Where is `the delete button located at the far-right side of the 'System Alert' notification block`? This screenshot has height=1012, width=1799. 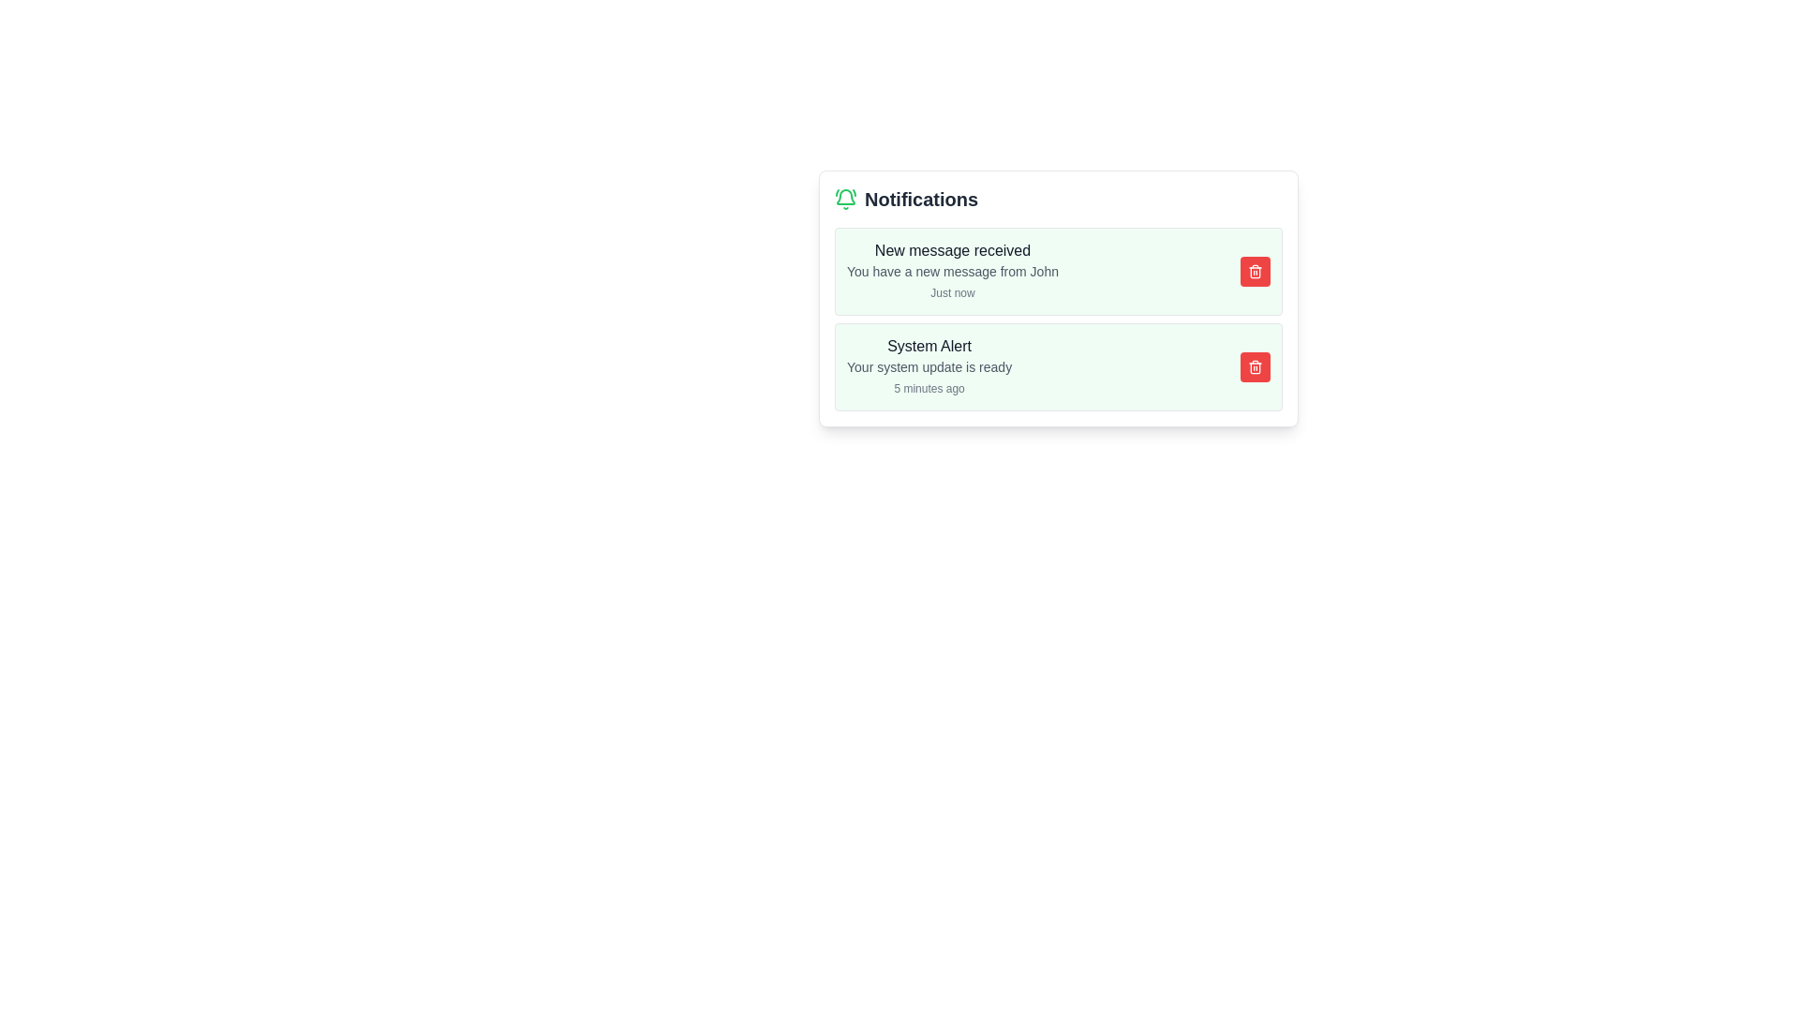
the delete button located at the far-right side of the 'System Alert' notification block is located at coordinates (1255, 367).